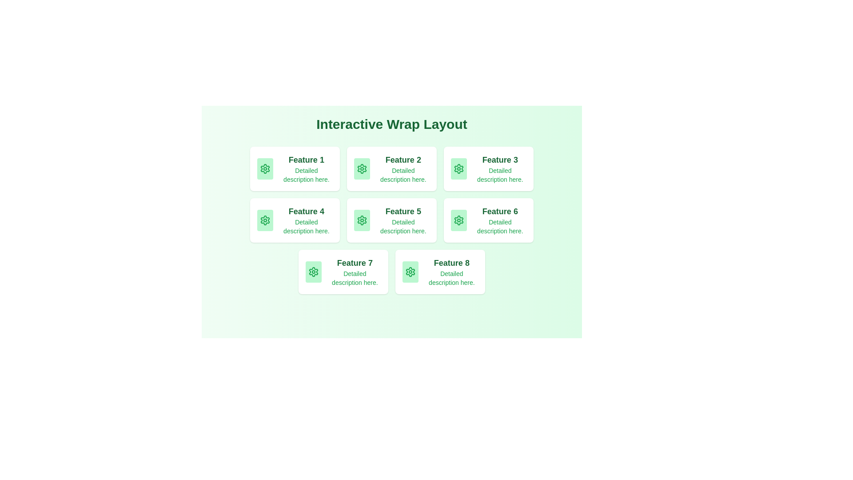 The width and height of the screenshot is (853, 480). Describe the element at coordinates (403, 169) in the screenshot. I see `text label that displays 'Feature 2' in bold green font and 'Detailed description here.' in smaller, lighter green text, located in the second column of the first row within a grid layout` at that location.